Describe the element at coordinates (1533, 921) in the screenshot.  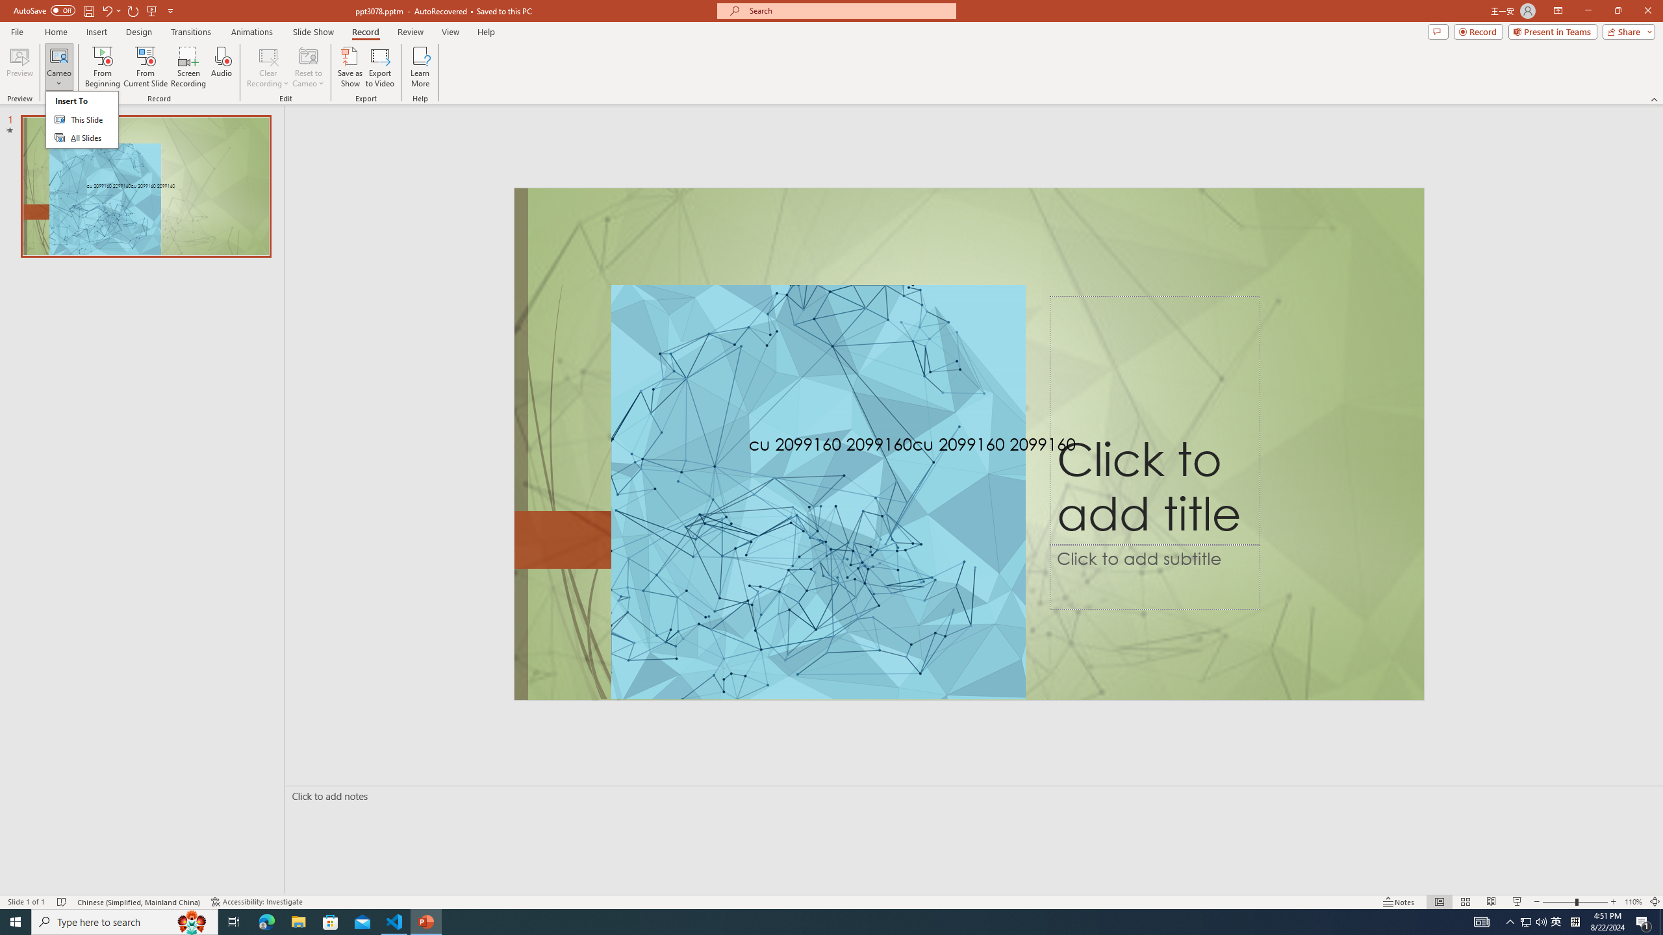
I see `'User Promoted Notification Area'` at that location.